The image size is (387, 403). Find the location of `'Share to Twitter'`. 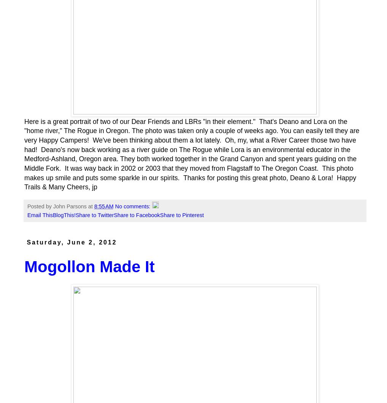

'Share to Twitter' is located at coordinates (94, 214).